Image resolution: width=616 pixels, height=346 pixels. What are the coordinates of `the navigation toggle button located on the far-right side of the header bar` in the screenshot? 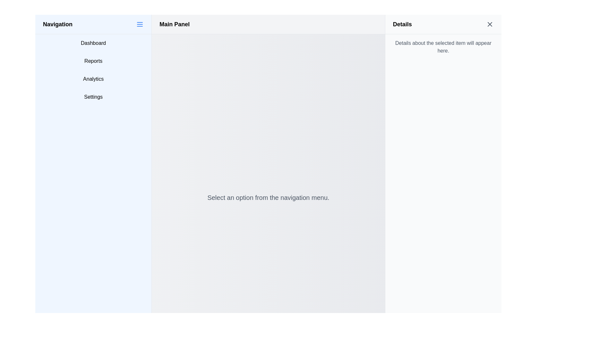 It's located at (140, 24).